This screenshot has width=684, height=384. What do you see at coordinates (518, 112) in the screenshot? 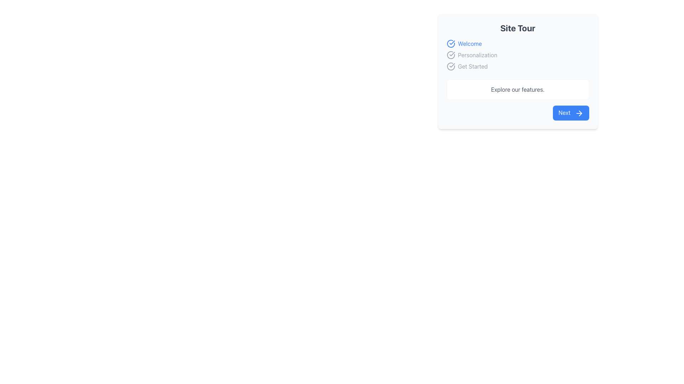
I see `the navigation button located at the bottom-right corner of the 'Site Tour' panel to observe its hover effects` at bounding box center [518, 112].